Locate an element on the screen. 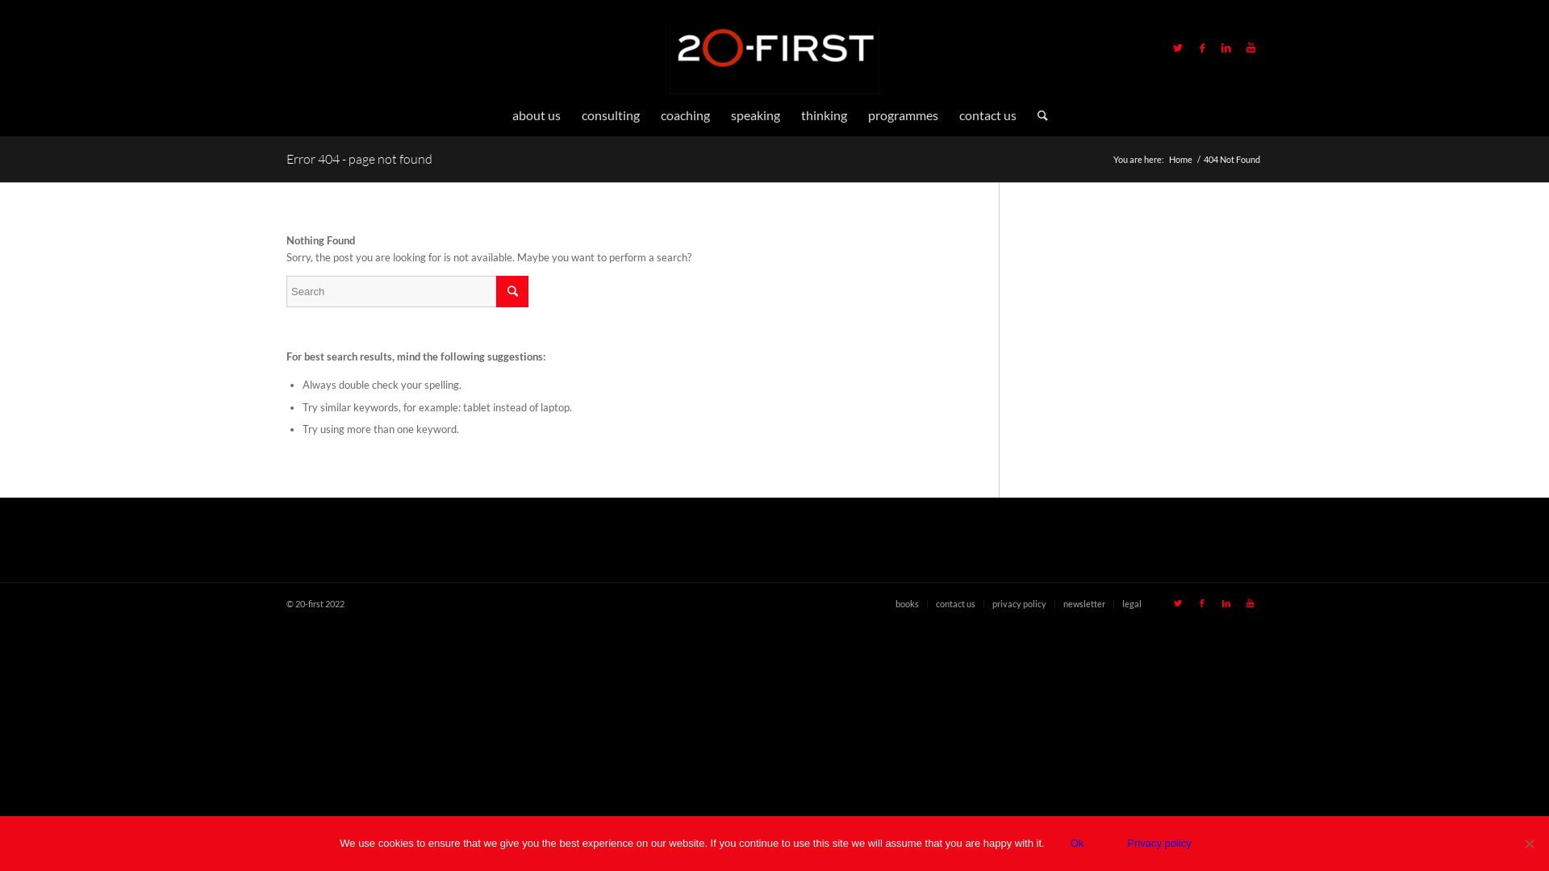 This screenshot has height=871, width=1549. 'Ok' is located at coordinates (1077, 842).